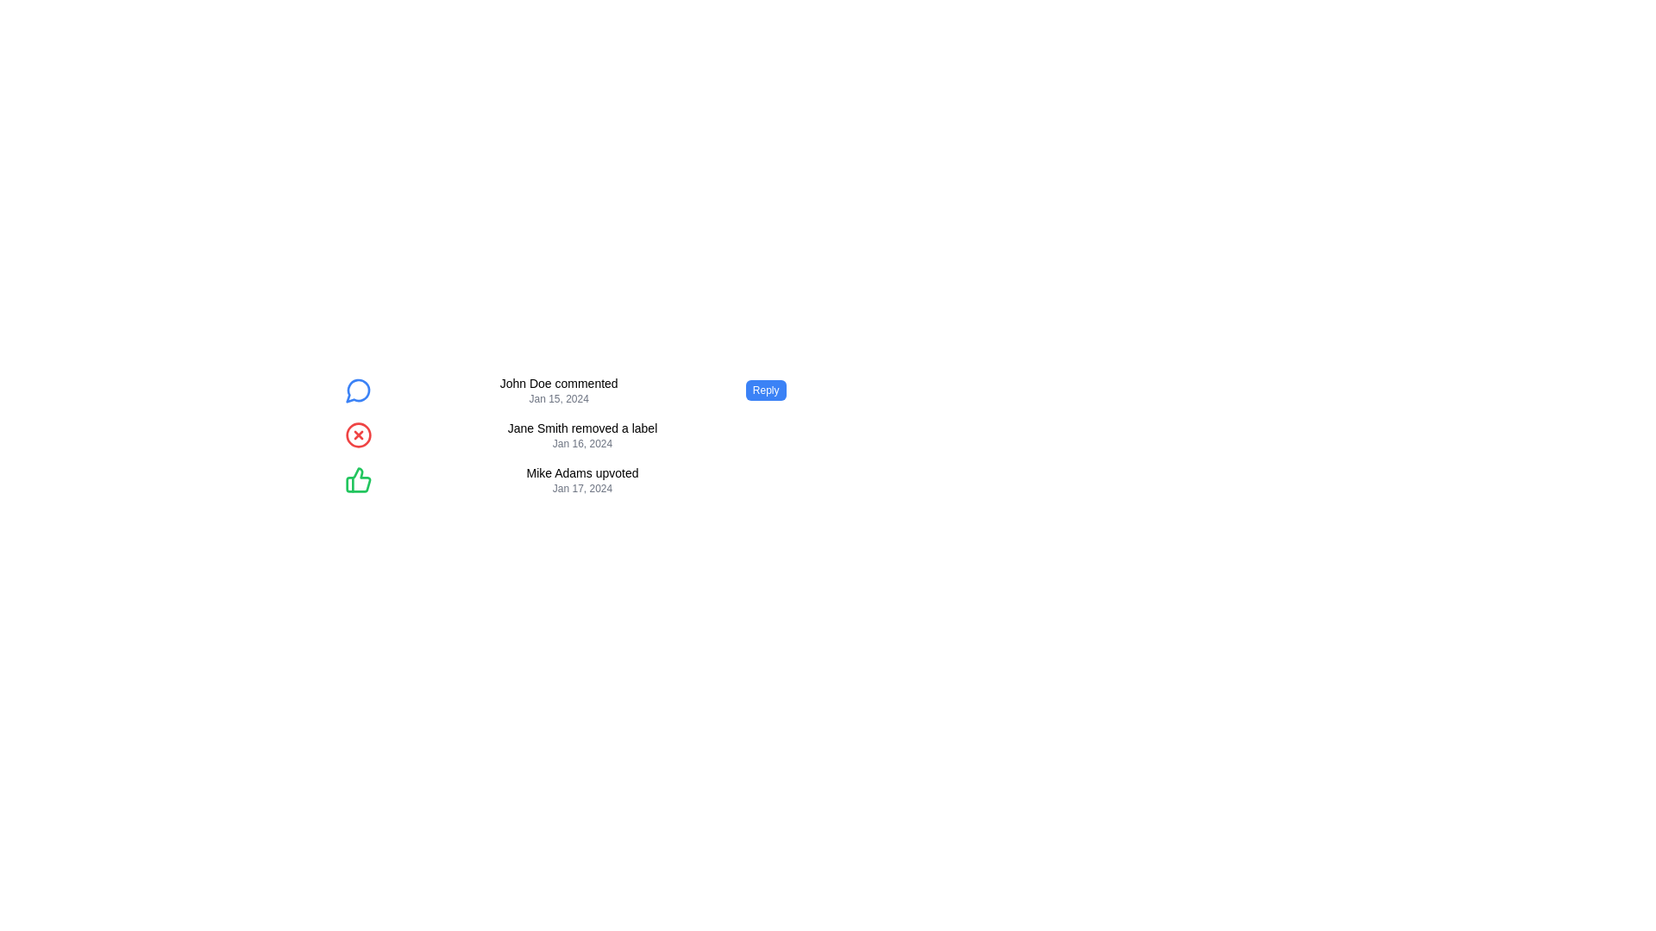 This screenshot has width=1656, height=931. What do you see at coordinates (565, 434) in the screenshot?
I see `the Text component with a circular icon and the text 'Jane Smith removed a label', which is the second item in the list` at bounding box center [565, 434].